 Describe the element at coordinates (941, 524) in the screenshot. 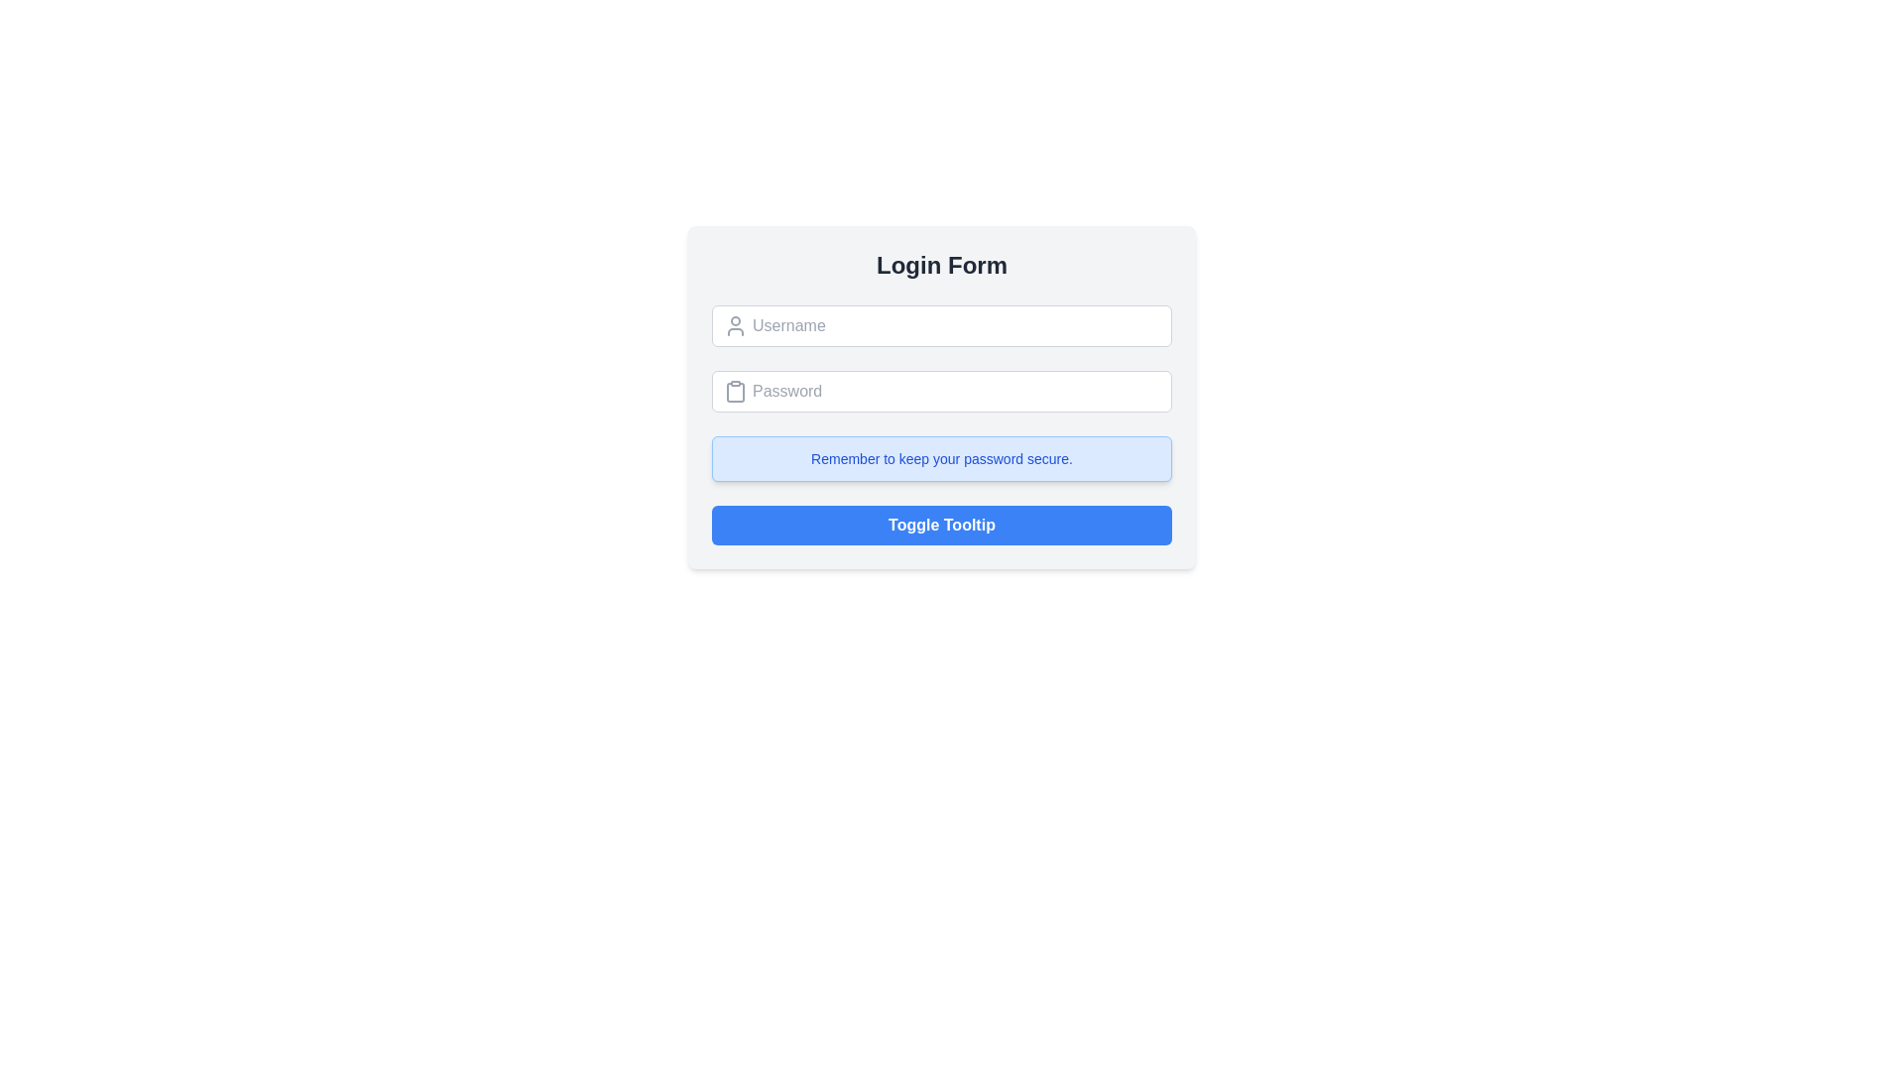

I see `the 'Toggle Tooltip' button, which is centrally aligned in the 'Login Form' and has a blue background with bold white text, to observe the hover effect` at that location.